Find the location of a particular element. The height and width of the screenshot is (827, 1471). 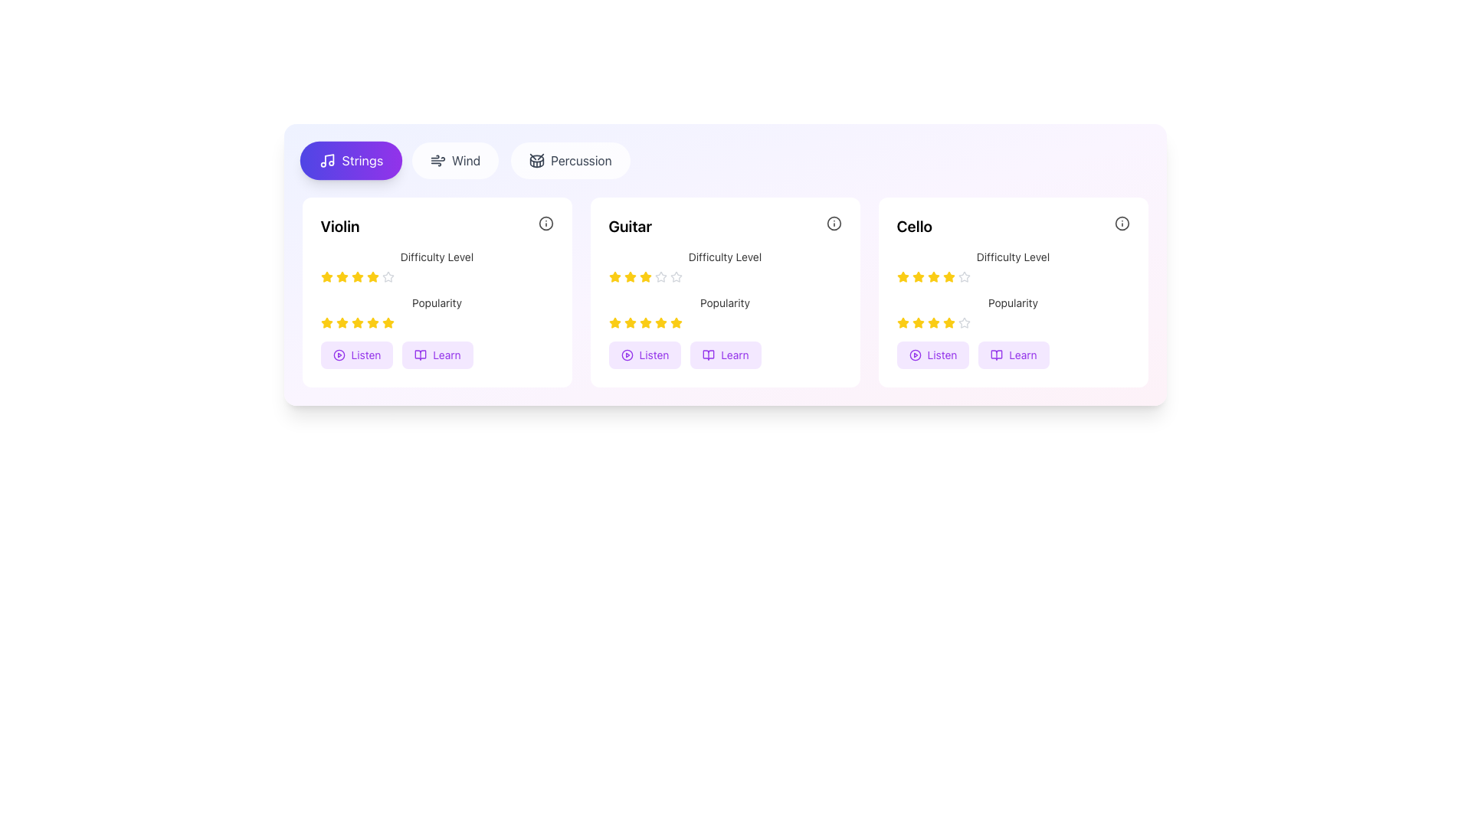

the 'Learn' text label styled in purple within the button of the second card (Guitar) located towards the bottom-right corner next to the 'Listen' button is located at coordinates (734, 355).